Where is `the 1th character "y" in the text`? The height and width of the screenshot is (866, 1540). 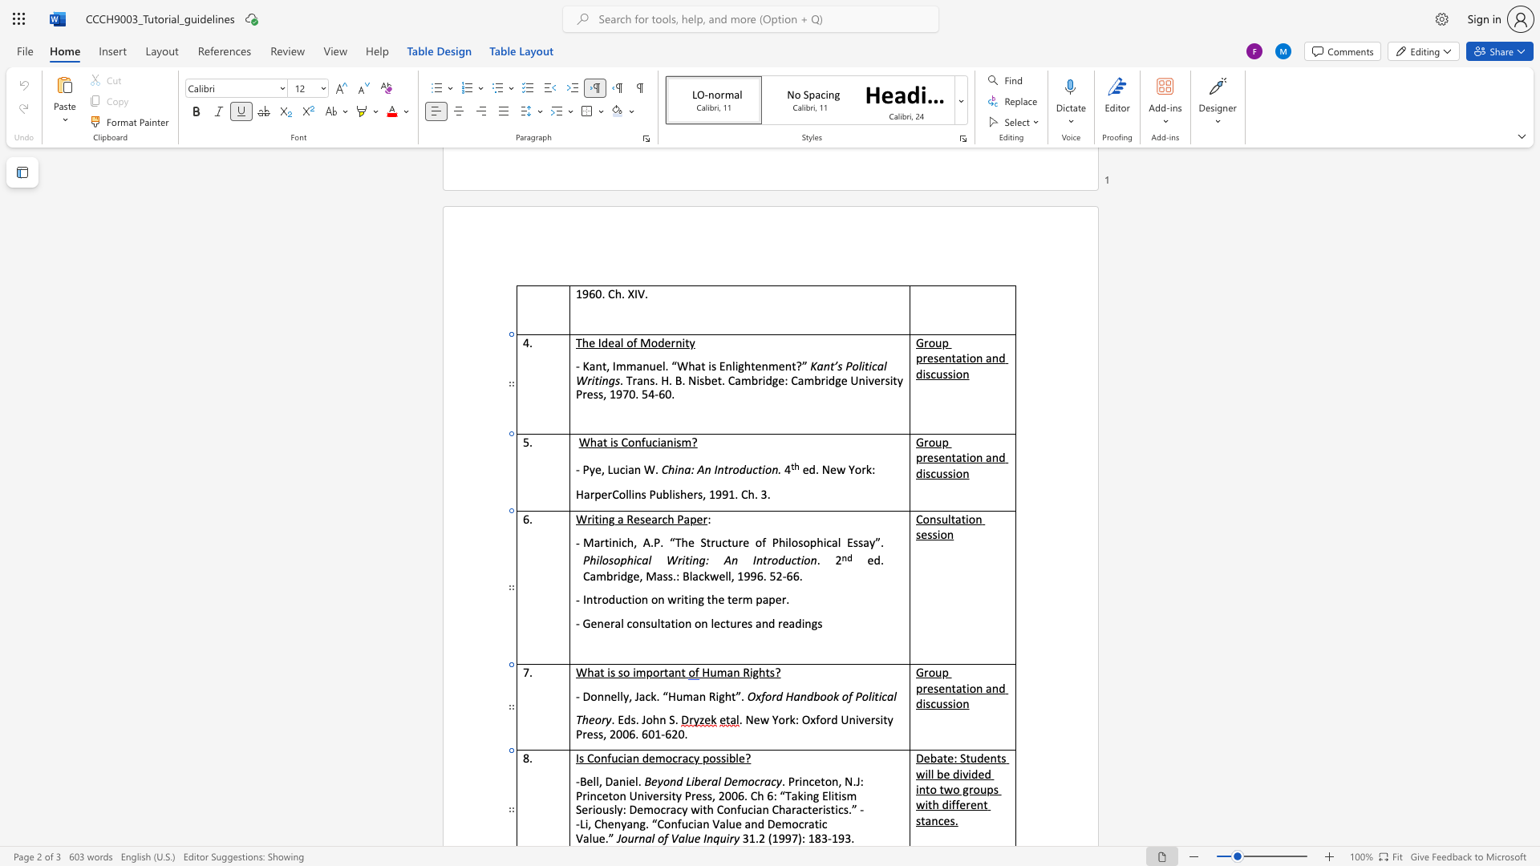
the 1th character "y" in the text is located at coordinates (736, 837).